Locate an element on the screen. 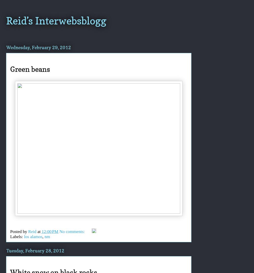 This screenshot has width=254, height=273. '12:00 PM' is located at coordinates (50, 231).